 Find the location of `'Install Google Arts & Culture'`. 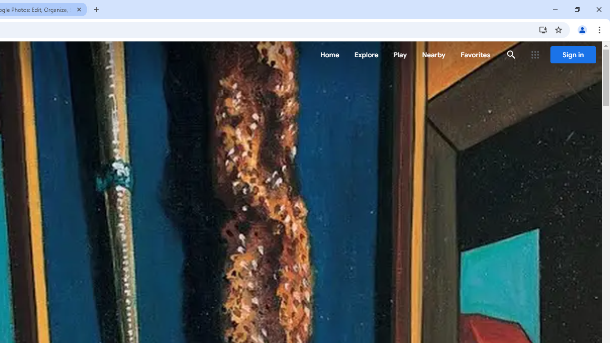

'Install Google Arts & Culture' is located at coordinates (543, 29).